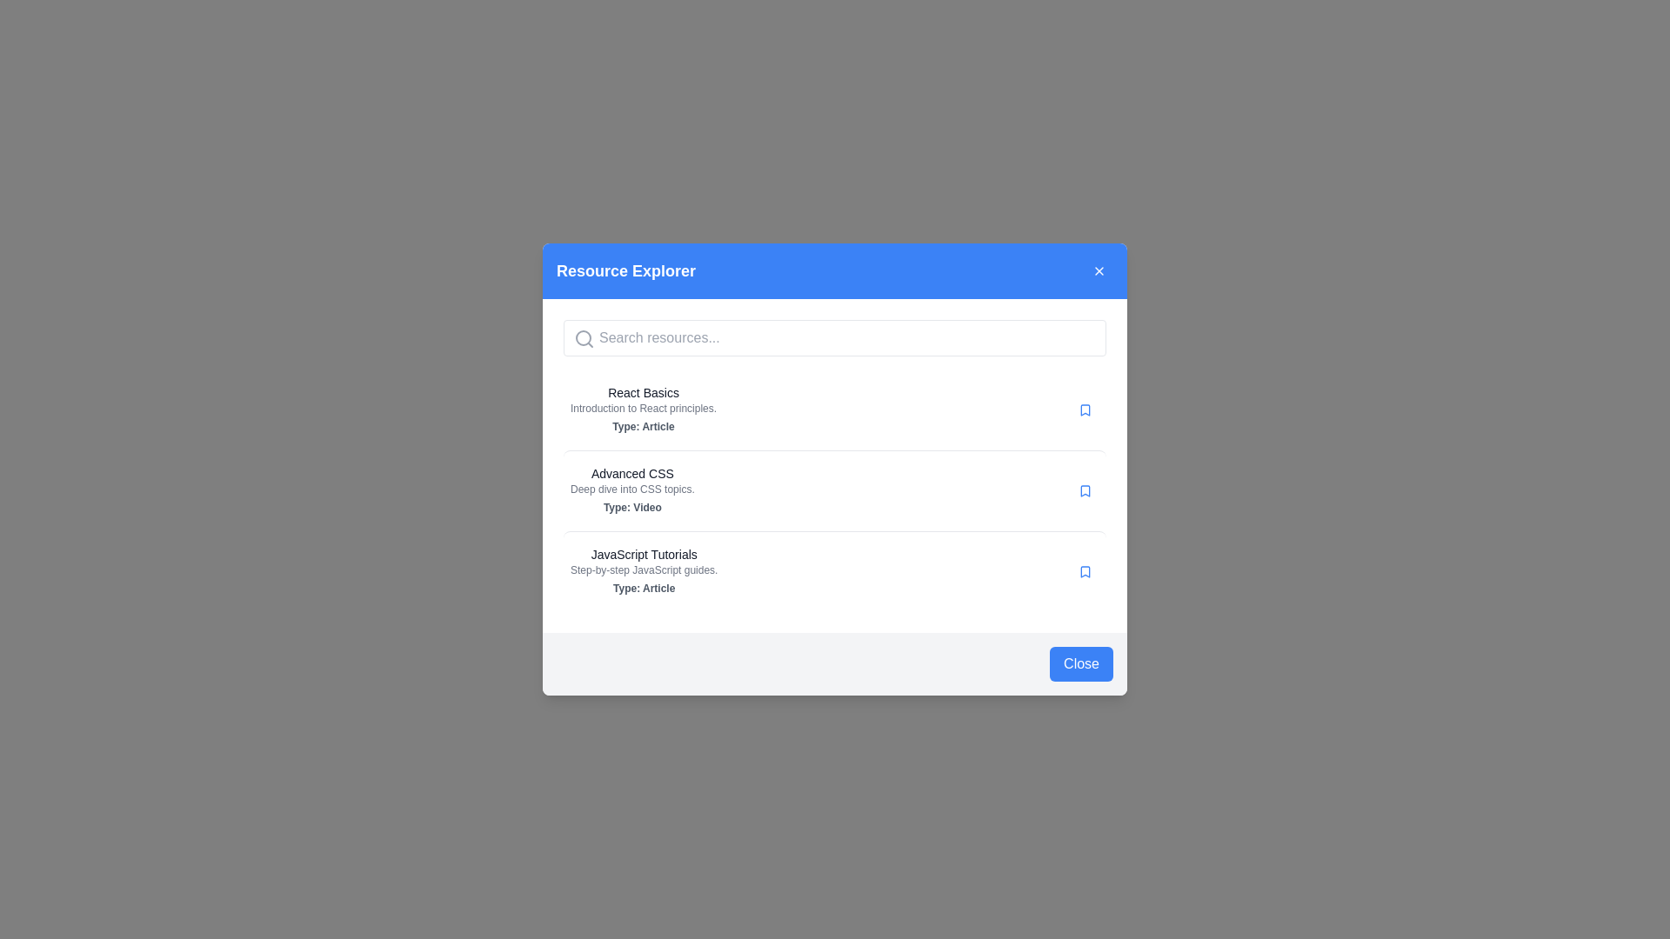  What do you see at coordinates (1085, 490) in the screenshot?
I see `the bookmark-shaped icon located at the far right of the 'Advanced CSS' entry in the list` at bounding box center [1085, 490].